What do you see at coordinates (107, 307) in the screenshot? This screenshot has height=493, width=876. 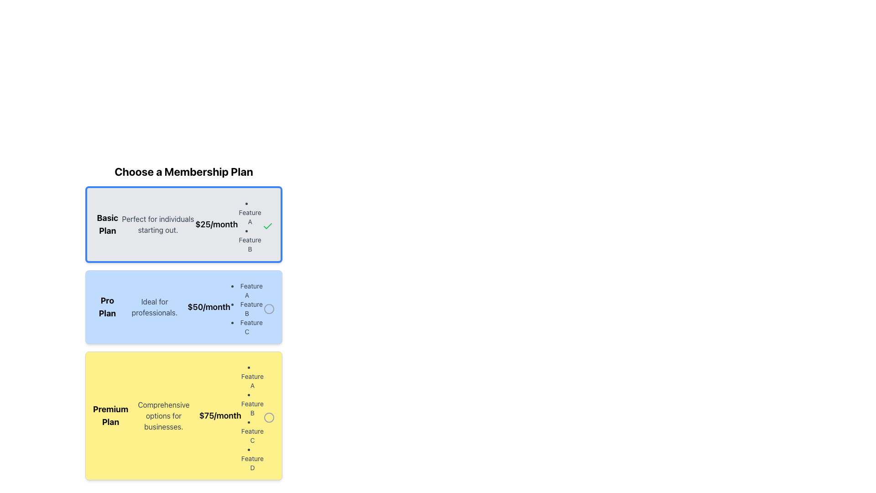 I see `label identifying the 'Pro Plan' subscription option, which is located in the upper-left section of the 'Pro Plan' card, the middle card in a vertical stack of three subscription plan cards` at bounding box center [107, 307].